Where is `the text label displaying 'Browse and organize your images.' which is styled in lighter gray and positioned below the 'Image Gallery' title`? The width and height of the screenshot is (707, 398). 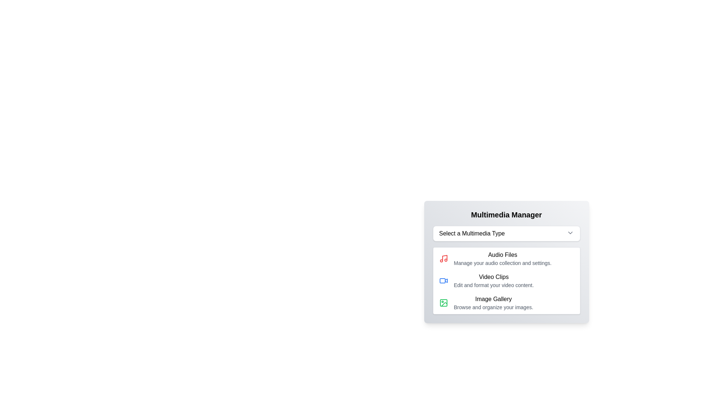
the text label displaying 'Browse and organize your images.' which is styled in lighter gray and positioned below the 'Image Gallery' title is located at coordinates (493, 307).